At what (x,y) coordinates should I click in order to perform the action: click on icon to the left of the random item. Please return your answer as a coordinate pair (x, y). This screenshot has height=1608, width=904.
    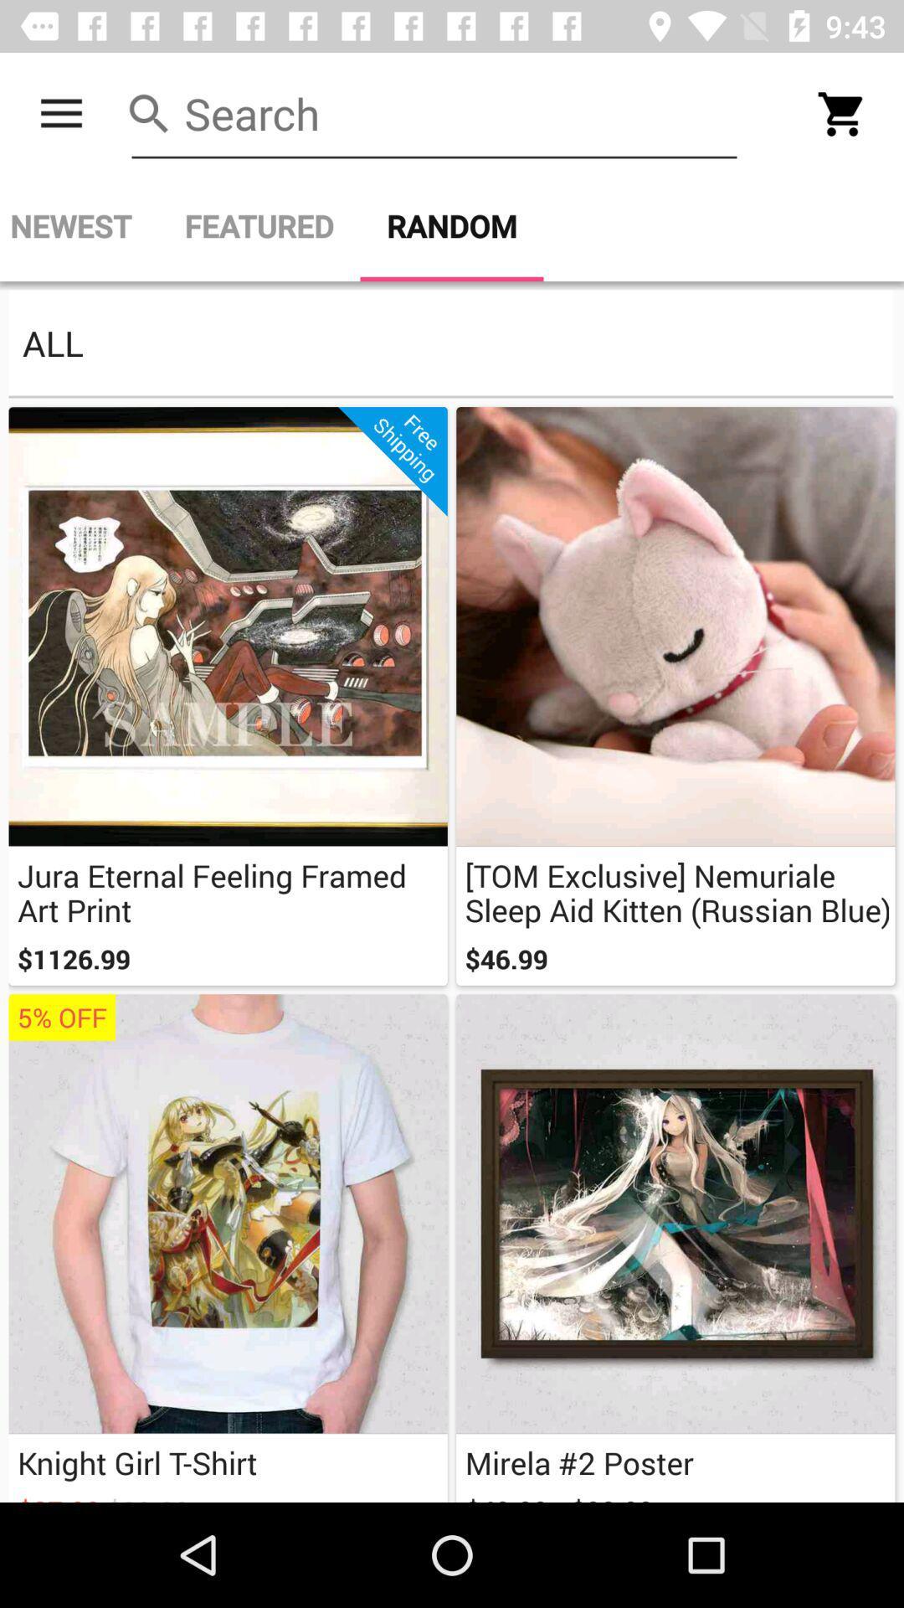
    Looking at the image, I should click on (259, 225).